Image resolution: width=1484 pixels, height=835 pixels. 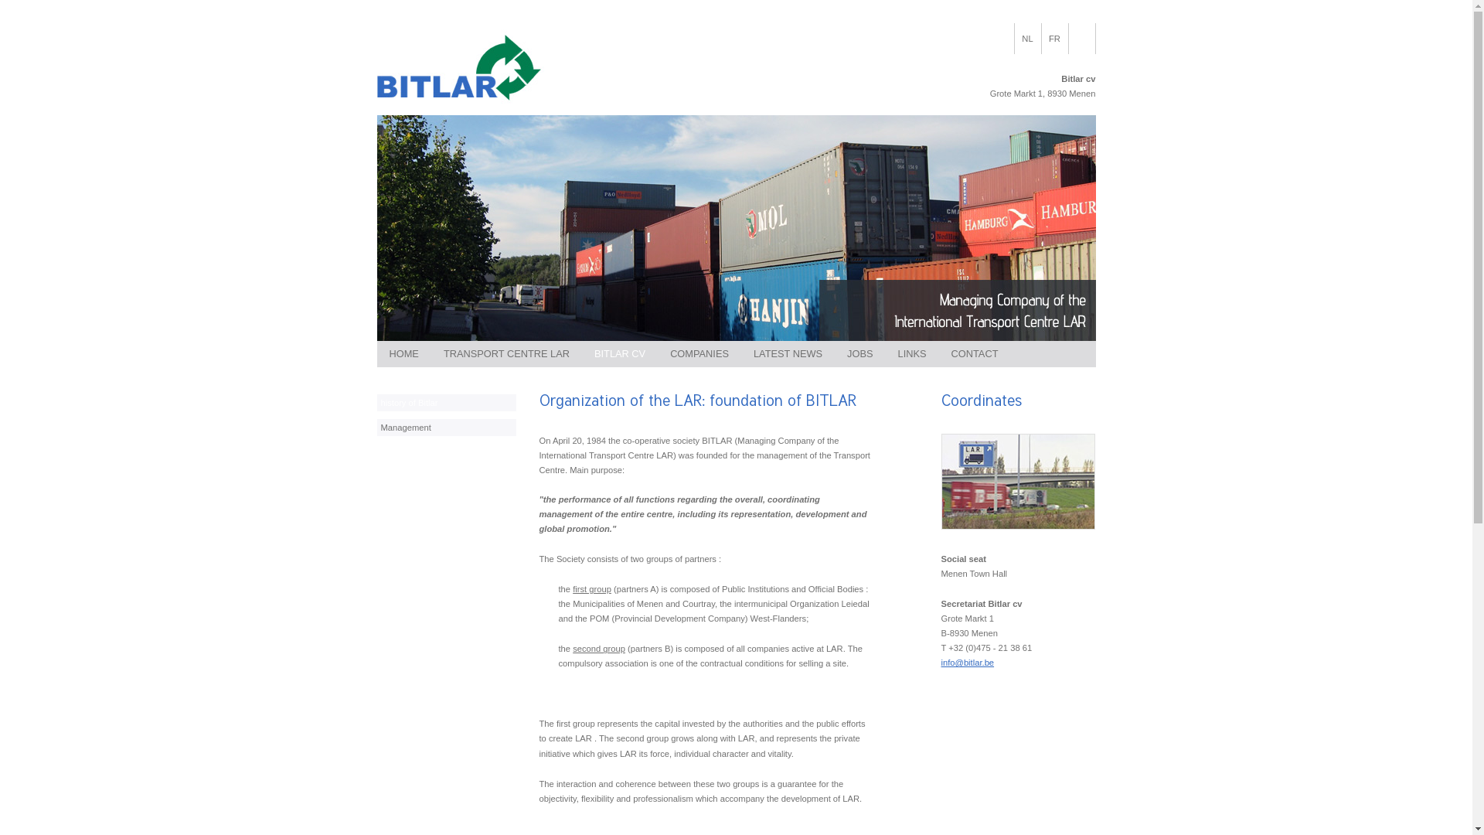 What do you see at coordinates (404, 354) in the screenshot?
I see `'HOME'` at bounding box center [404, 354].